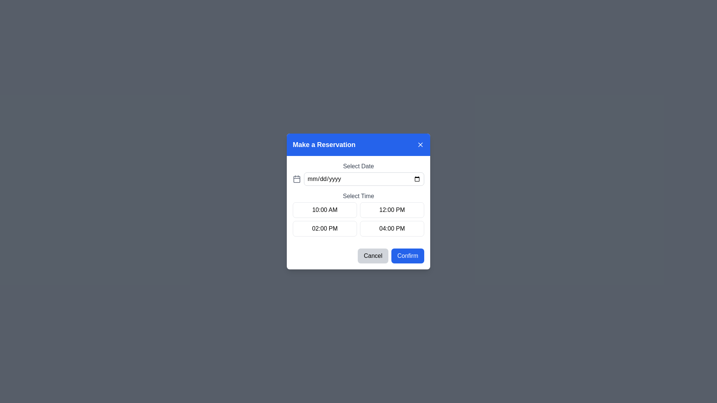 This screenshot has height=403, width=717. What do you see at coordinates (358, 219) in the screenshot?
I see `the time option in the grid layout within the 'Make a Reservation' modal` at bounding box center [358, 219].